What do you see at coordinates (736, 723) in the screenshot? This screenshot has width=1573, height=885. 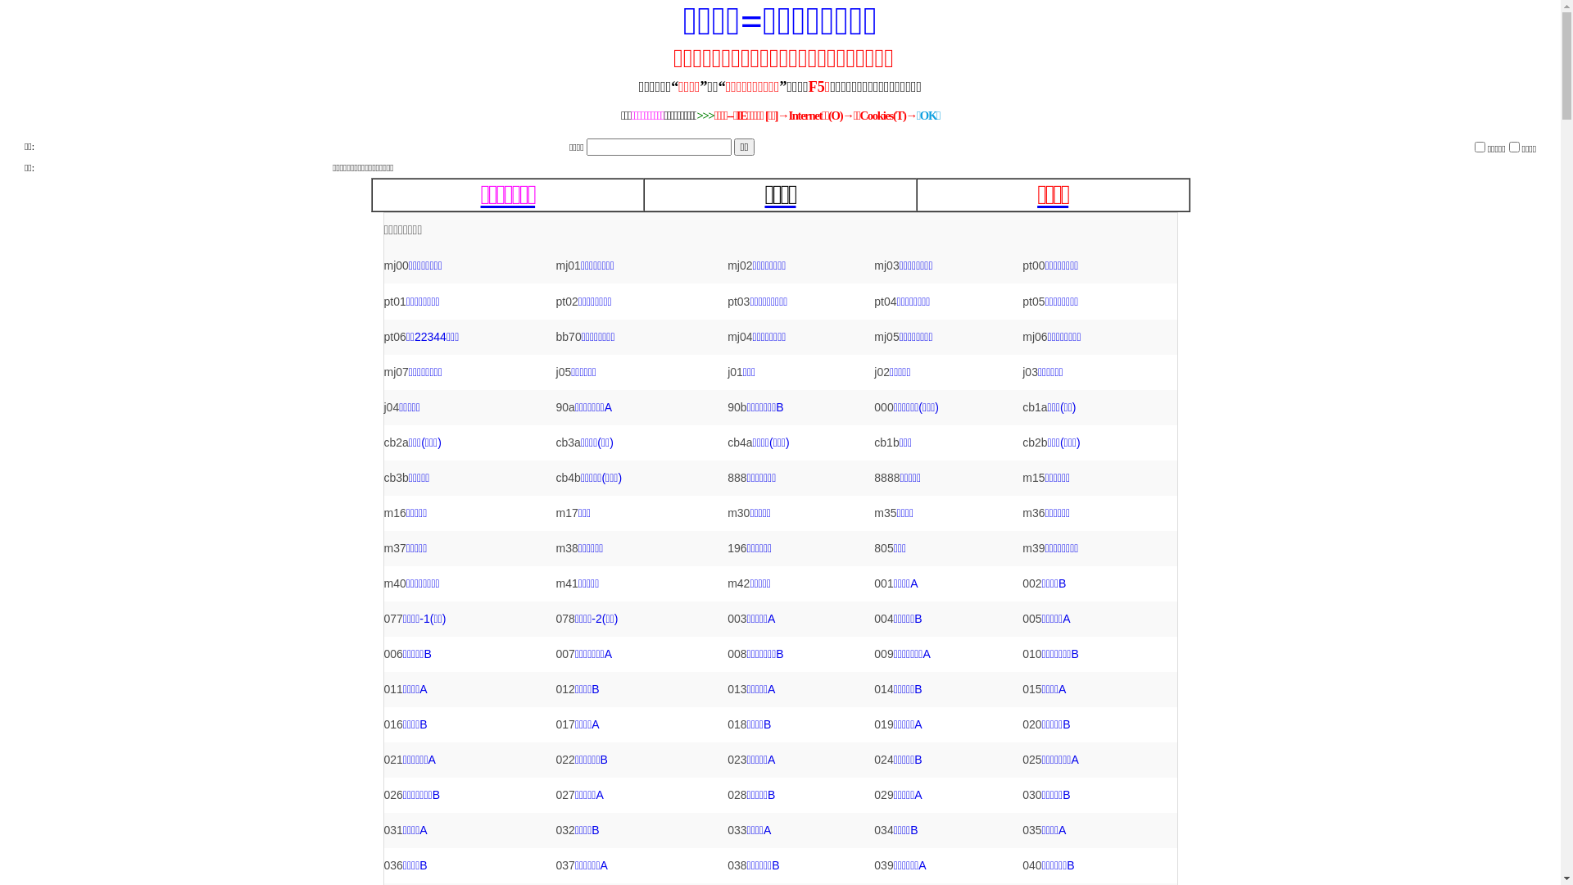 I see `'018'` at bounding box center [736, 723].